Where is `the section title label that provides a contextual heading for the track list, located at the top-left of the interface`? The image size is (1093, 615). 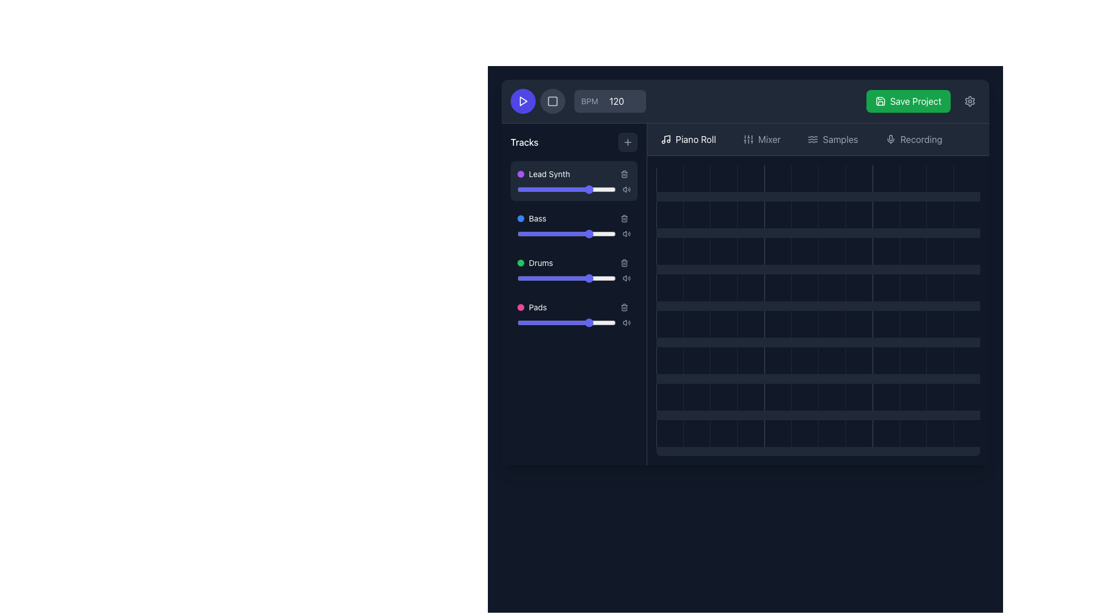 the section title label that provides a contextual heading for the track list, located at the top-left of the interface is located at coordinates (524, 142).